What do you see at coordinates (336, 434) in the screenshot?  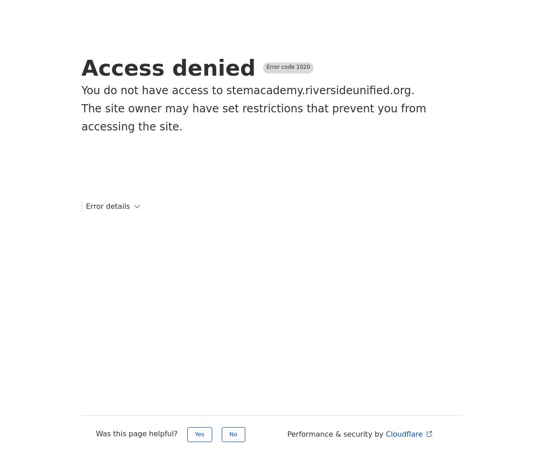 I see `'Performance & security by'` at bounding box center [336, 434].